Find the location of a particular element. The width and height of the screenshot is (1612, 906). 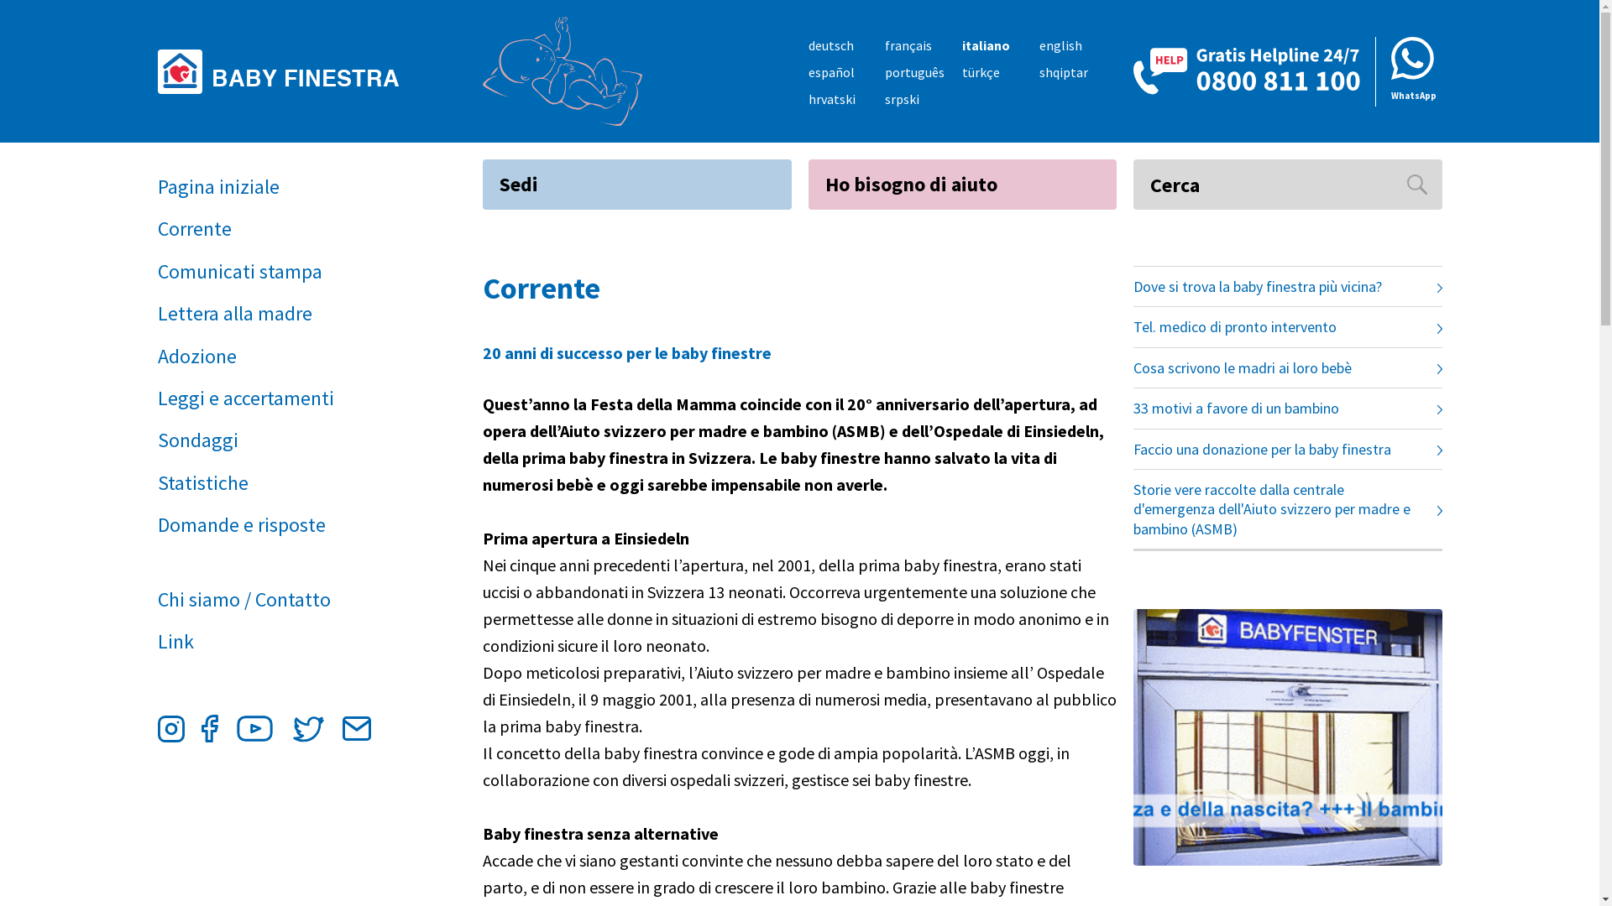

'Domande e risposte' is located at coordinates (281, 523).